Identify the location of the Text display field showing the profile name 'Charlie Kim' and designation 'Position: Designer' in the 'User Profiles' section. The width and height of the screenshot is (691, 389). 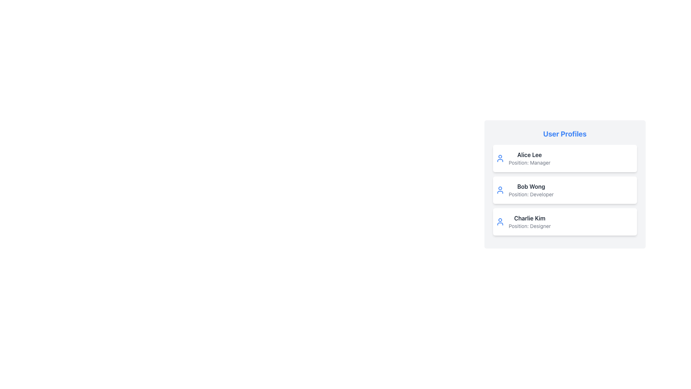
(530, 222).